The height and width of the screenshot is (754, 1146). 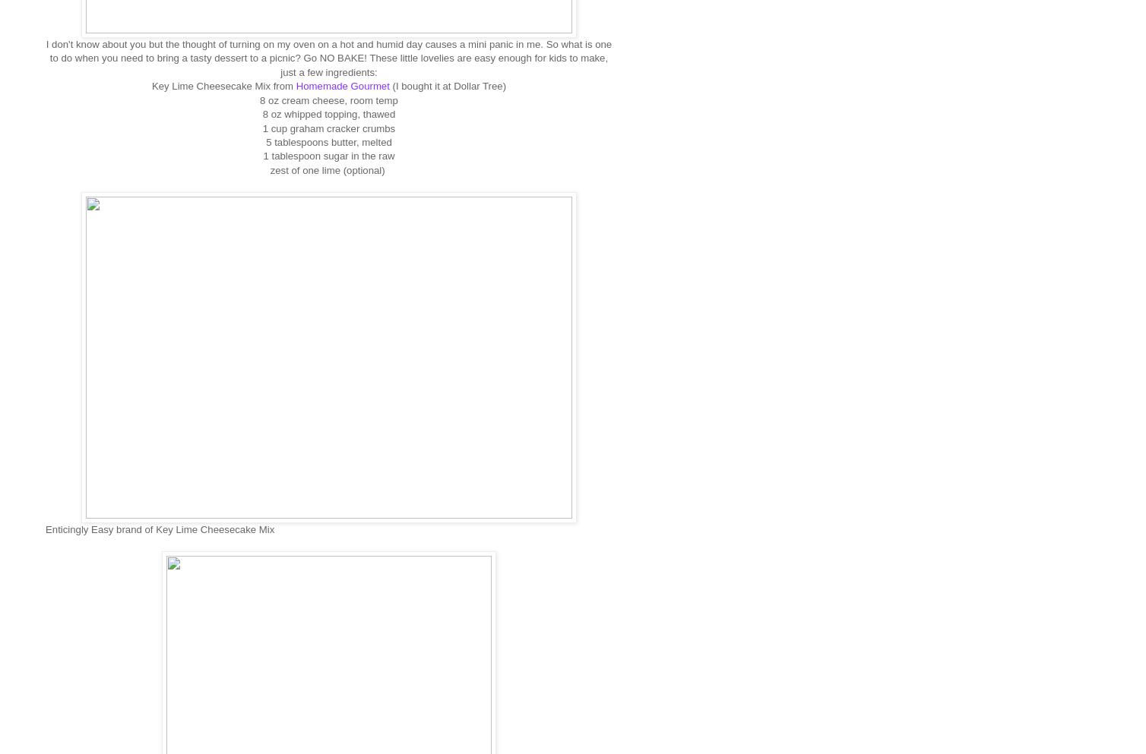 What do you see at coordinates (261, 156) in the screenshot?
I see `'1 tablespoon sugar in the raw'` at bounding box center [261, 156].